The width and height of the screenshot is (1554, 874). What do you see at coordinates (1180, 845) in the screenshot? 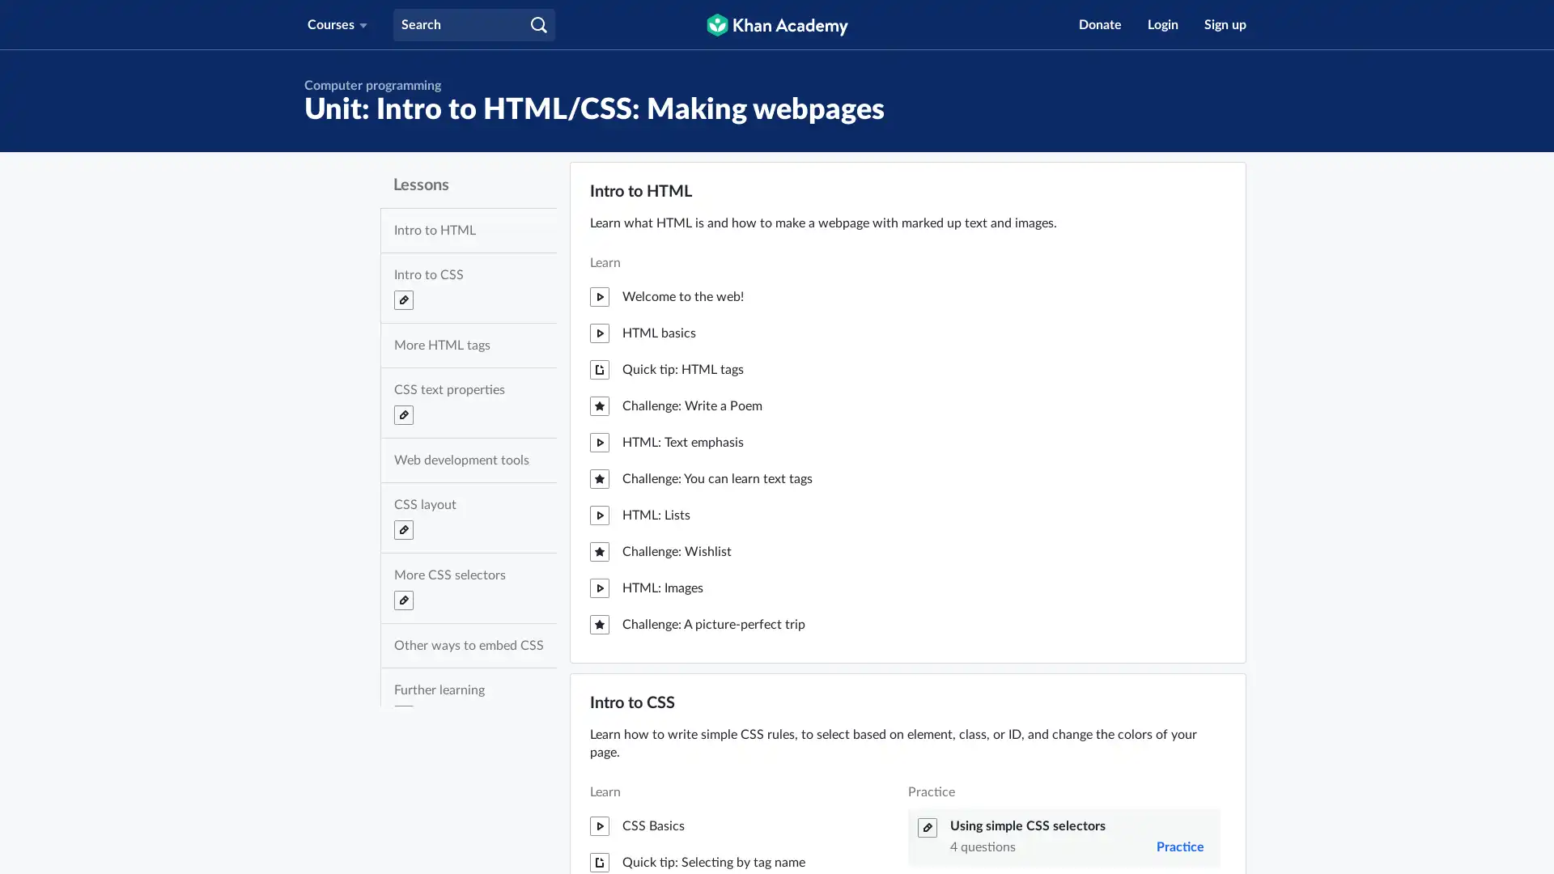
I see `Practice` at bounding box center [1180, 845].